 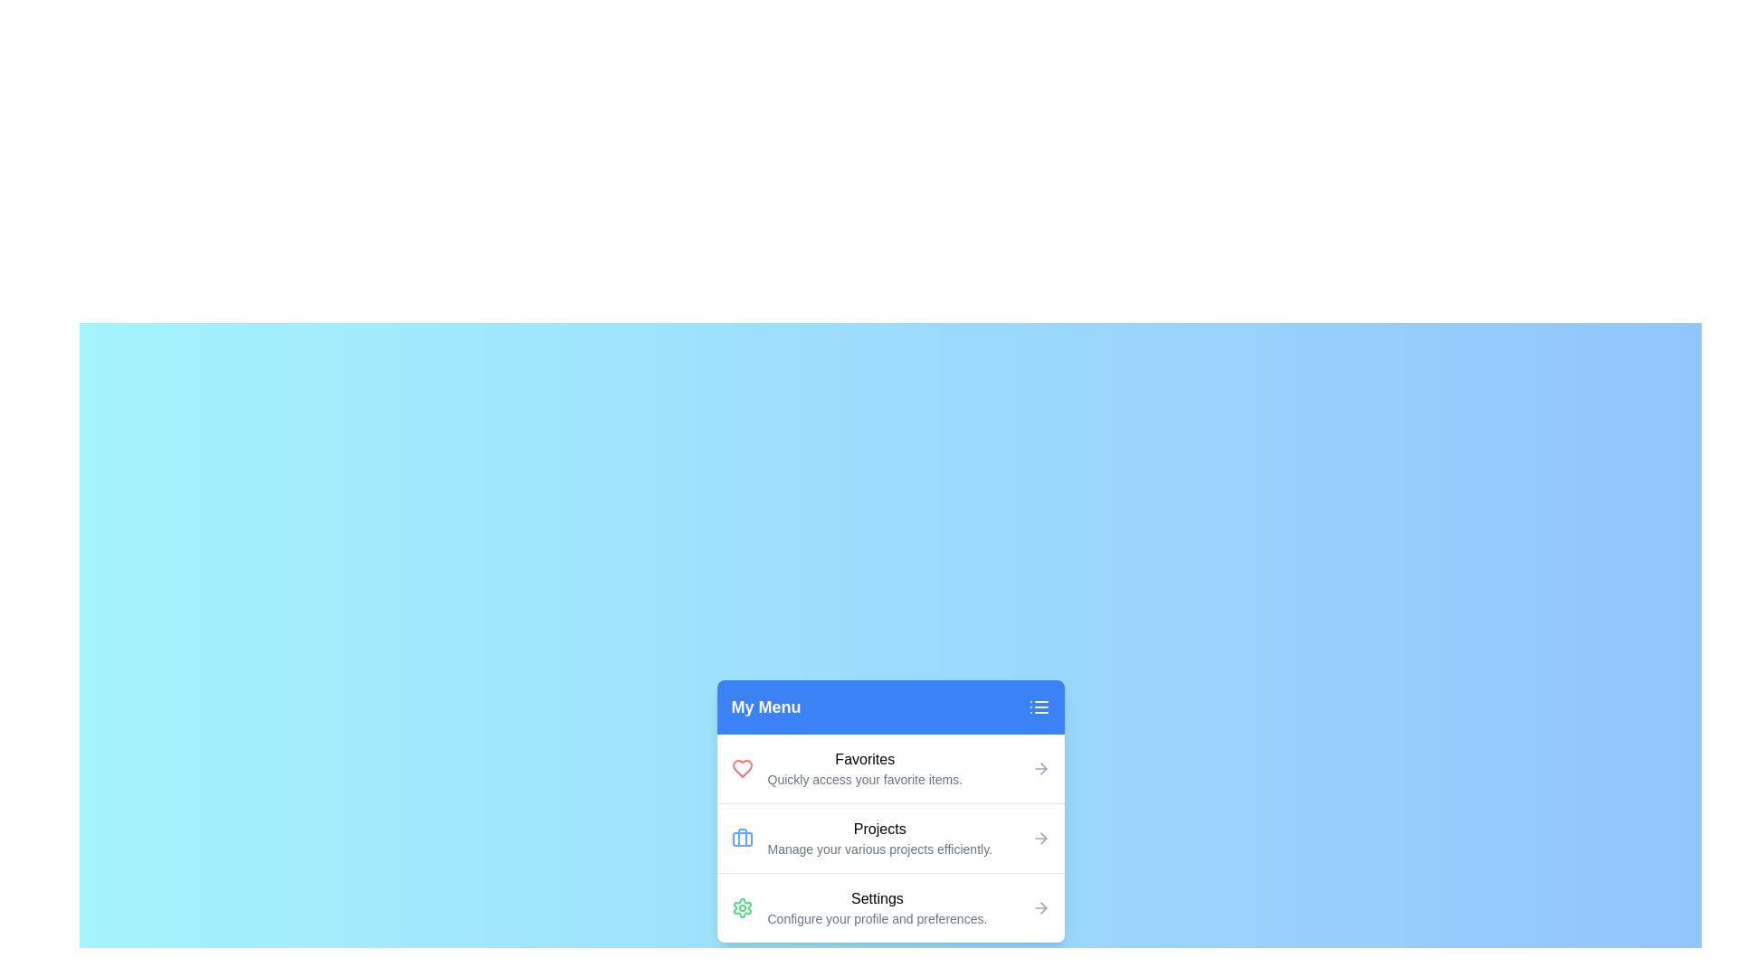 I want to click on the menu item Settings, so click(x=890, y=907).